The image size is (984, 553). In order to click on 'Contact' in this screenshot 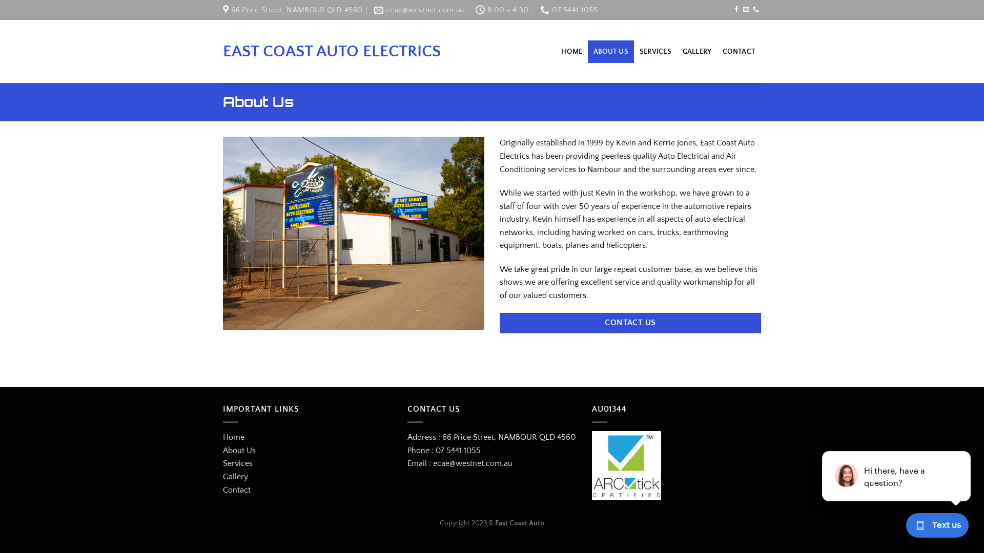, I will do `click(236, 490)`.